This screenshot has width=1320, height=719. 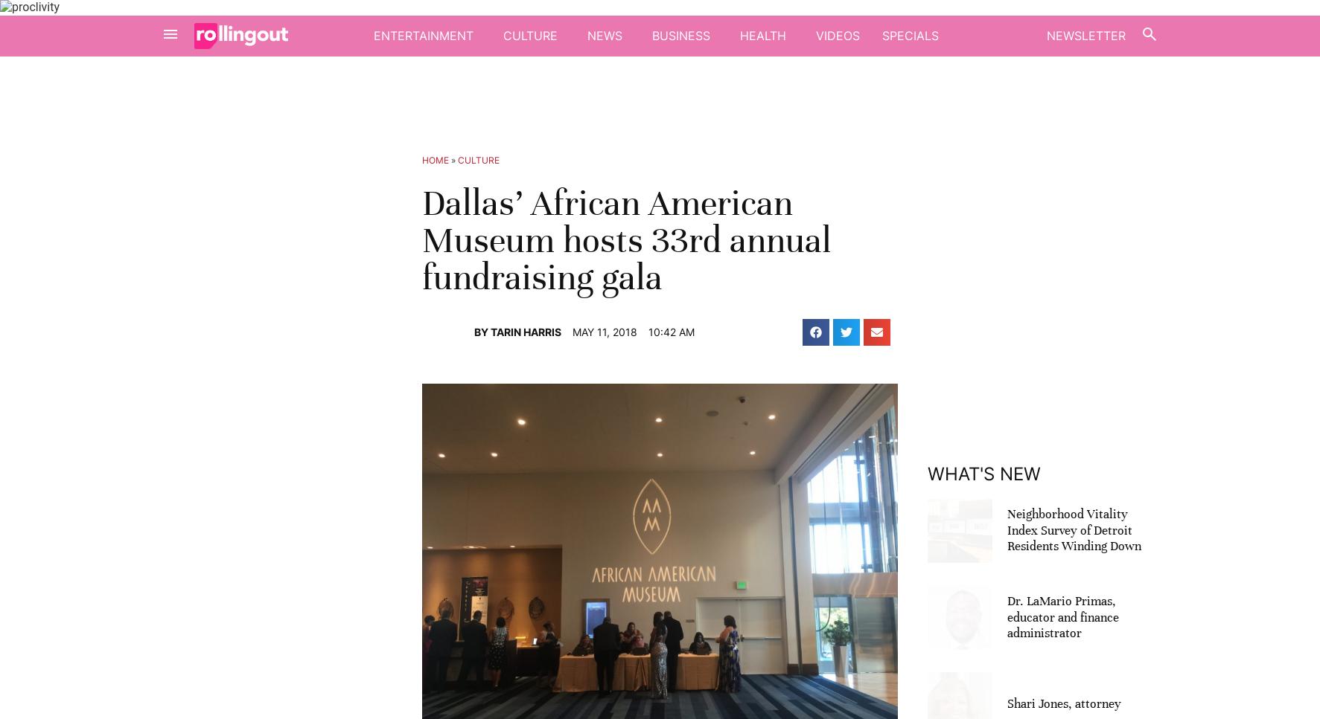 What do you see at coordinates (603, 330) in the screenshot?
I see `'May 11, 2018'` at bounding box center [603, 330].